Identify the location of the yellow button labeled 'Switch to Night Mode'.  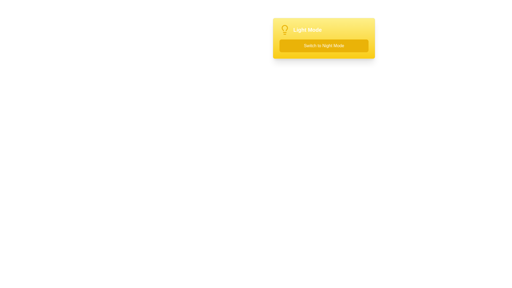
(323, 46).